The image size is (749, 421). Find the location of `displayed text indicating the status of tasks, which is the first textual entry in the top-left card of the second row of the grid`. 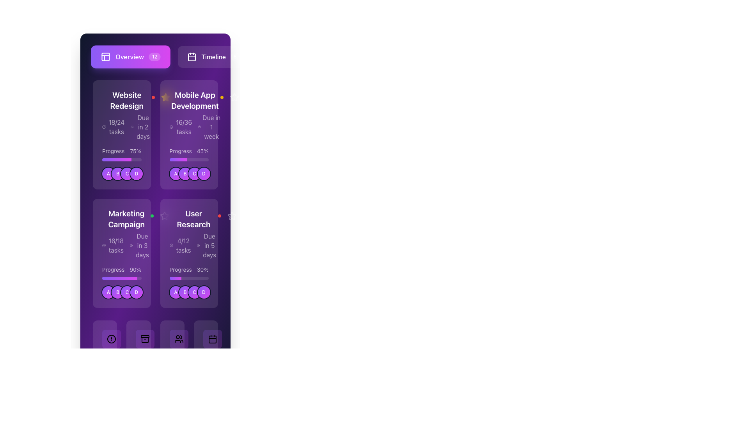

displayed text indicating the status of tasks, which is the first textual entry in the top-left card of the second row of the grid is located at coordinates (114, 127).